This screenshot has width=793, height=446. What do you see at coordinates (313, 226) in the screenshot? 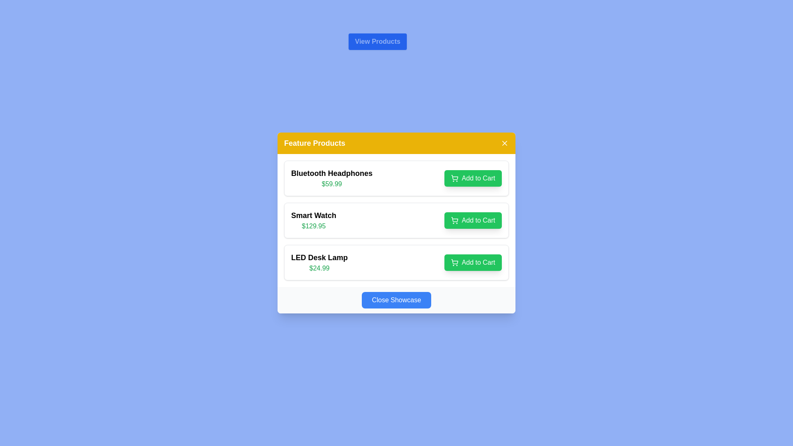
I see `the price display showing '$129.95' in green font, located directly below the 'Smart Watch' label in the product listing interface` at bounding box center [313, 226].